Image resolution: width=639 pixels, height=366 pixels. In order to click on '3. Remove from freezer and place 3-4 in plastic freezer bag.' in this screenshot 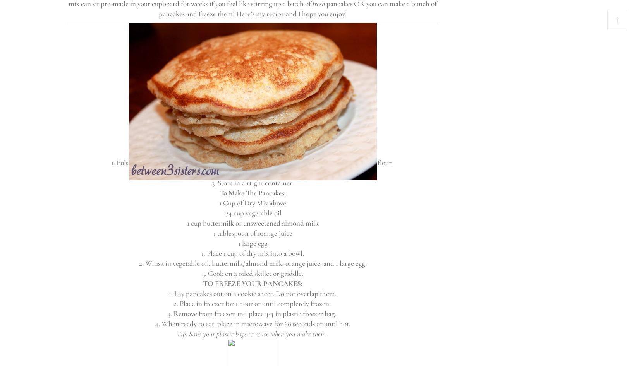, I will do `click(252, 313)`.